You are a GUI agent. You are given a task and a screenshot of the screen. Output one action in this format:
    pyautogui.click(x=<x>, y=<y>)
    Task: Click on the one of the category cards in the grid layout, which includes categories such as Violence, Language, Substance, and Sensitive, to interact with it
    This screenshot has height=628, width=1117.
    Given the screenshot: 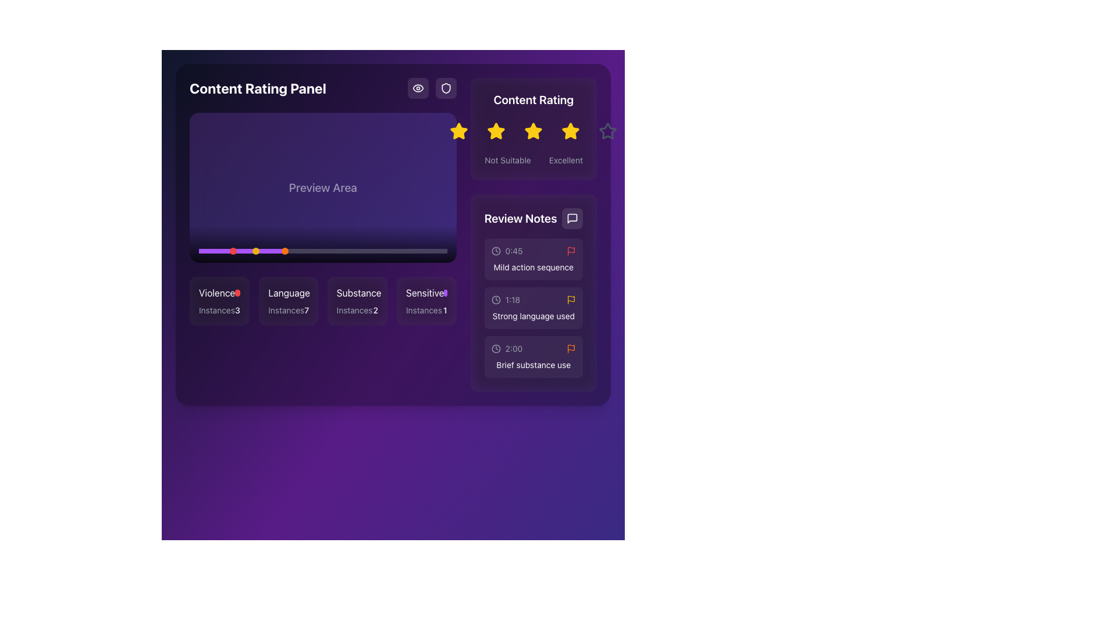 What is the action you would take?
    pyautogui.click(x=323, y=299)
    